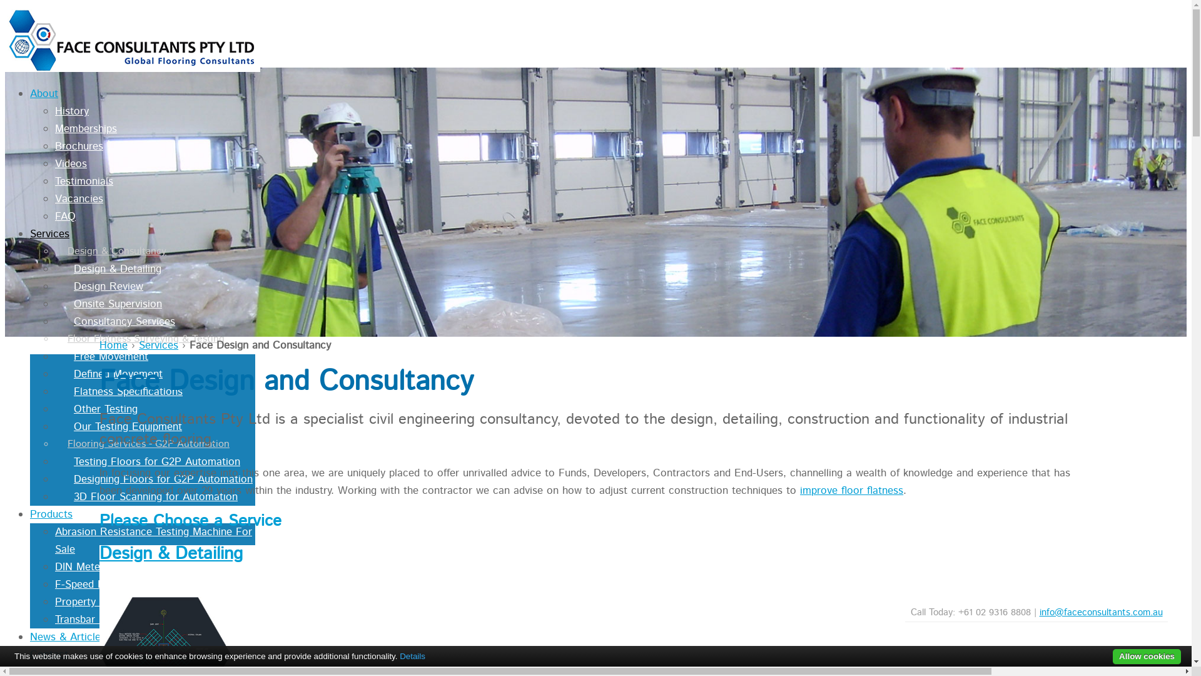  What do you see at coordinates (147, 461) in the screenshot?
I see `'Testing Floors for G2P Automation'` at bounding box center [147, 461].